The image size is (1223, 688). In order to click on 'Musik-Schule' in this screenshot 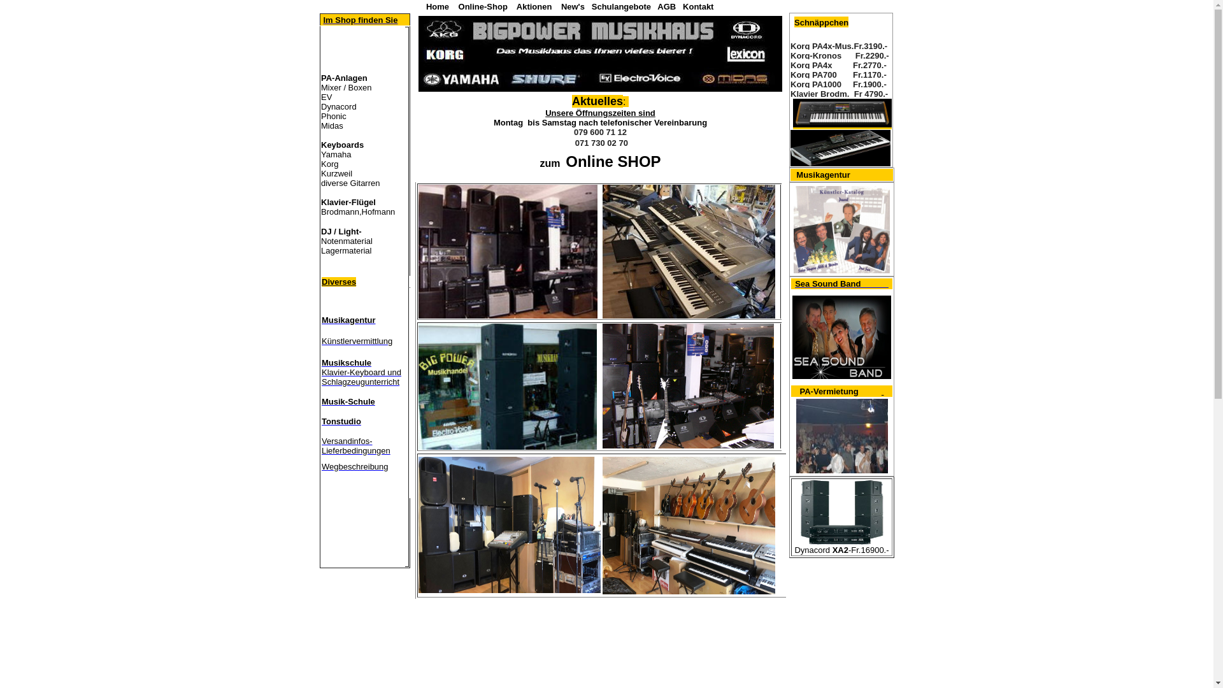, I will do `click(348, 400)`.